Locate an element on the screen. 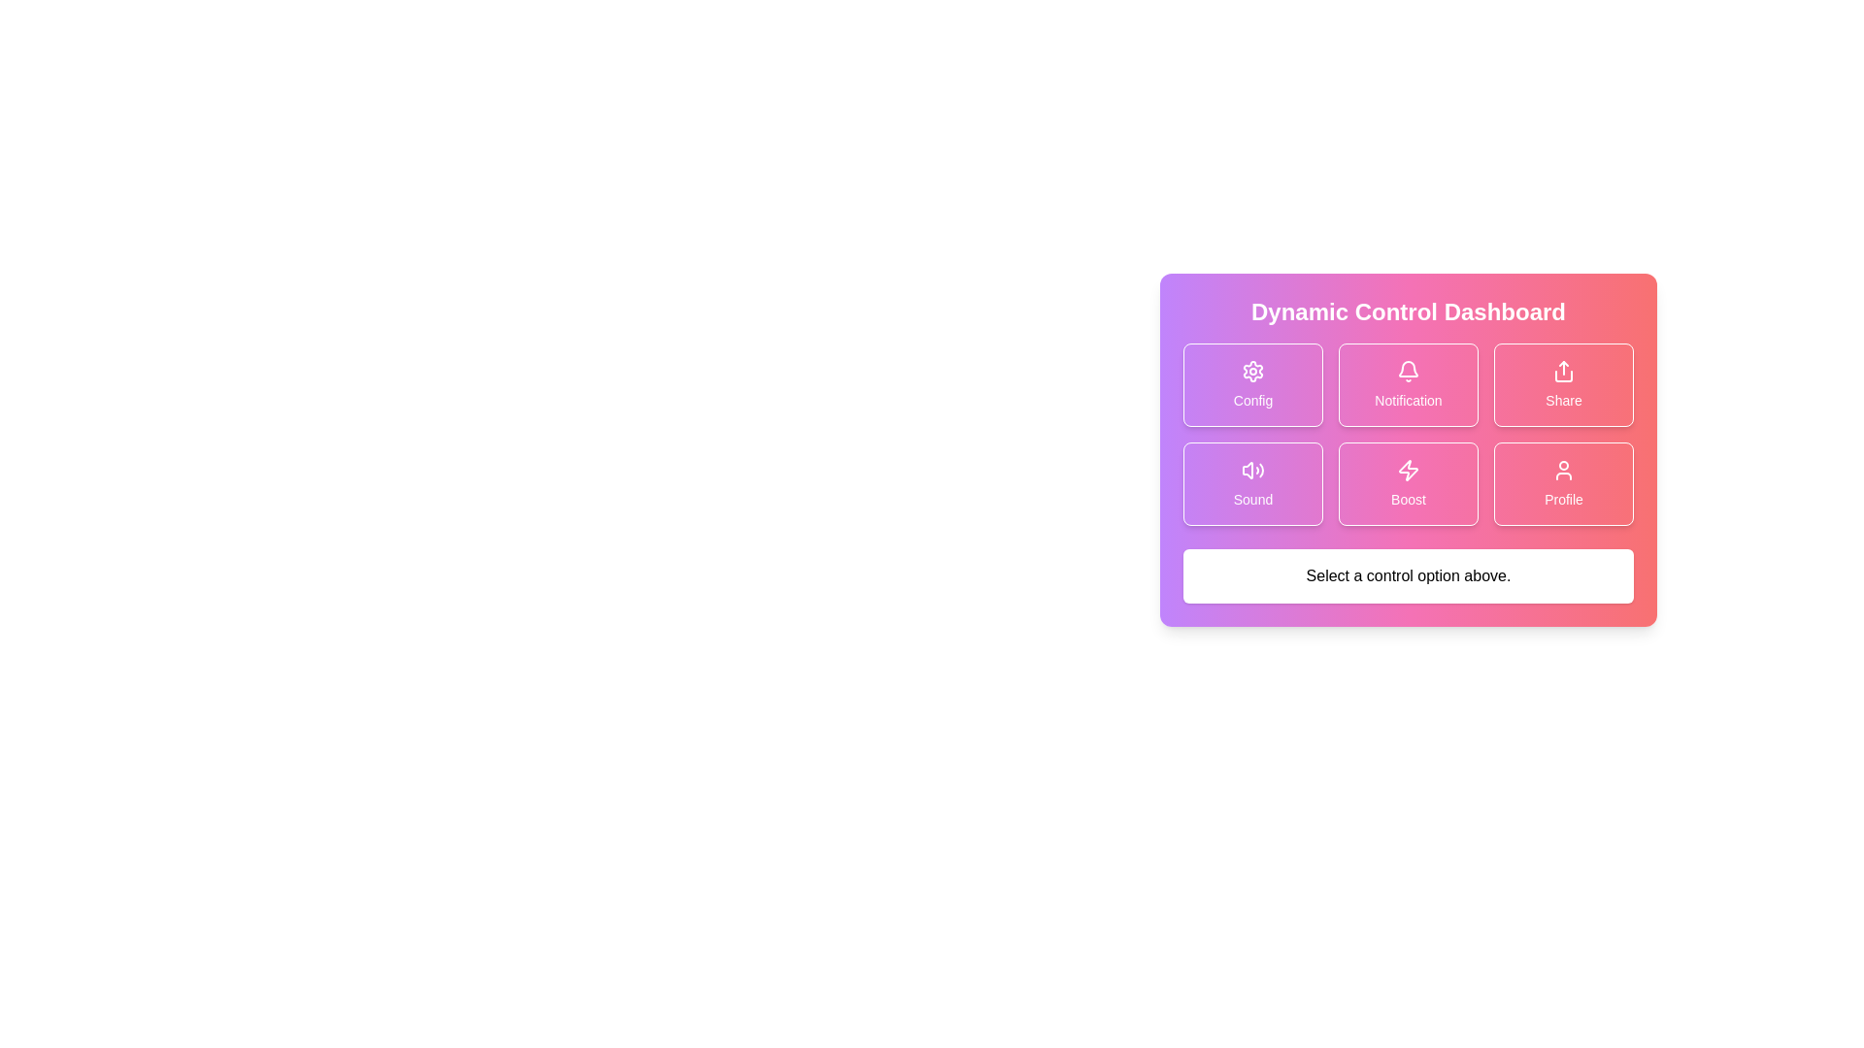  the lightning bolt icon, which is white and set against a pink button background, located in the 'Boost' module of the control dashboard grid layout is located at coordinates (1408, 471).